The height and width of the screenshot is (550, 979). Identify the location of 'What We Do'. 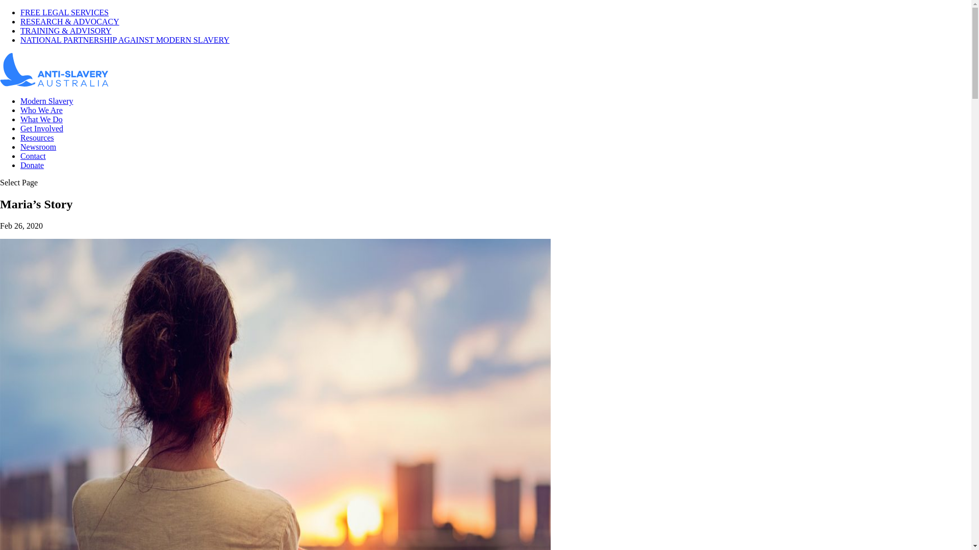
(41, 119).